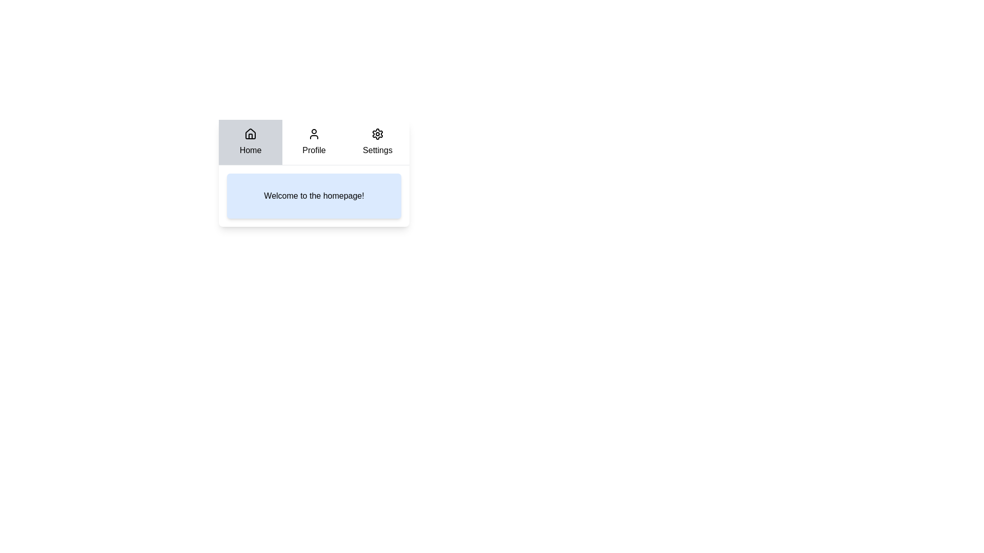 This screenshot has height=553, width=984. Describe the element at coordinates (377, 142) in the screenshot. I see `the Settings tab by clicking on it` at that location.